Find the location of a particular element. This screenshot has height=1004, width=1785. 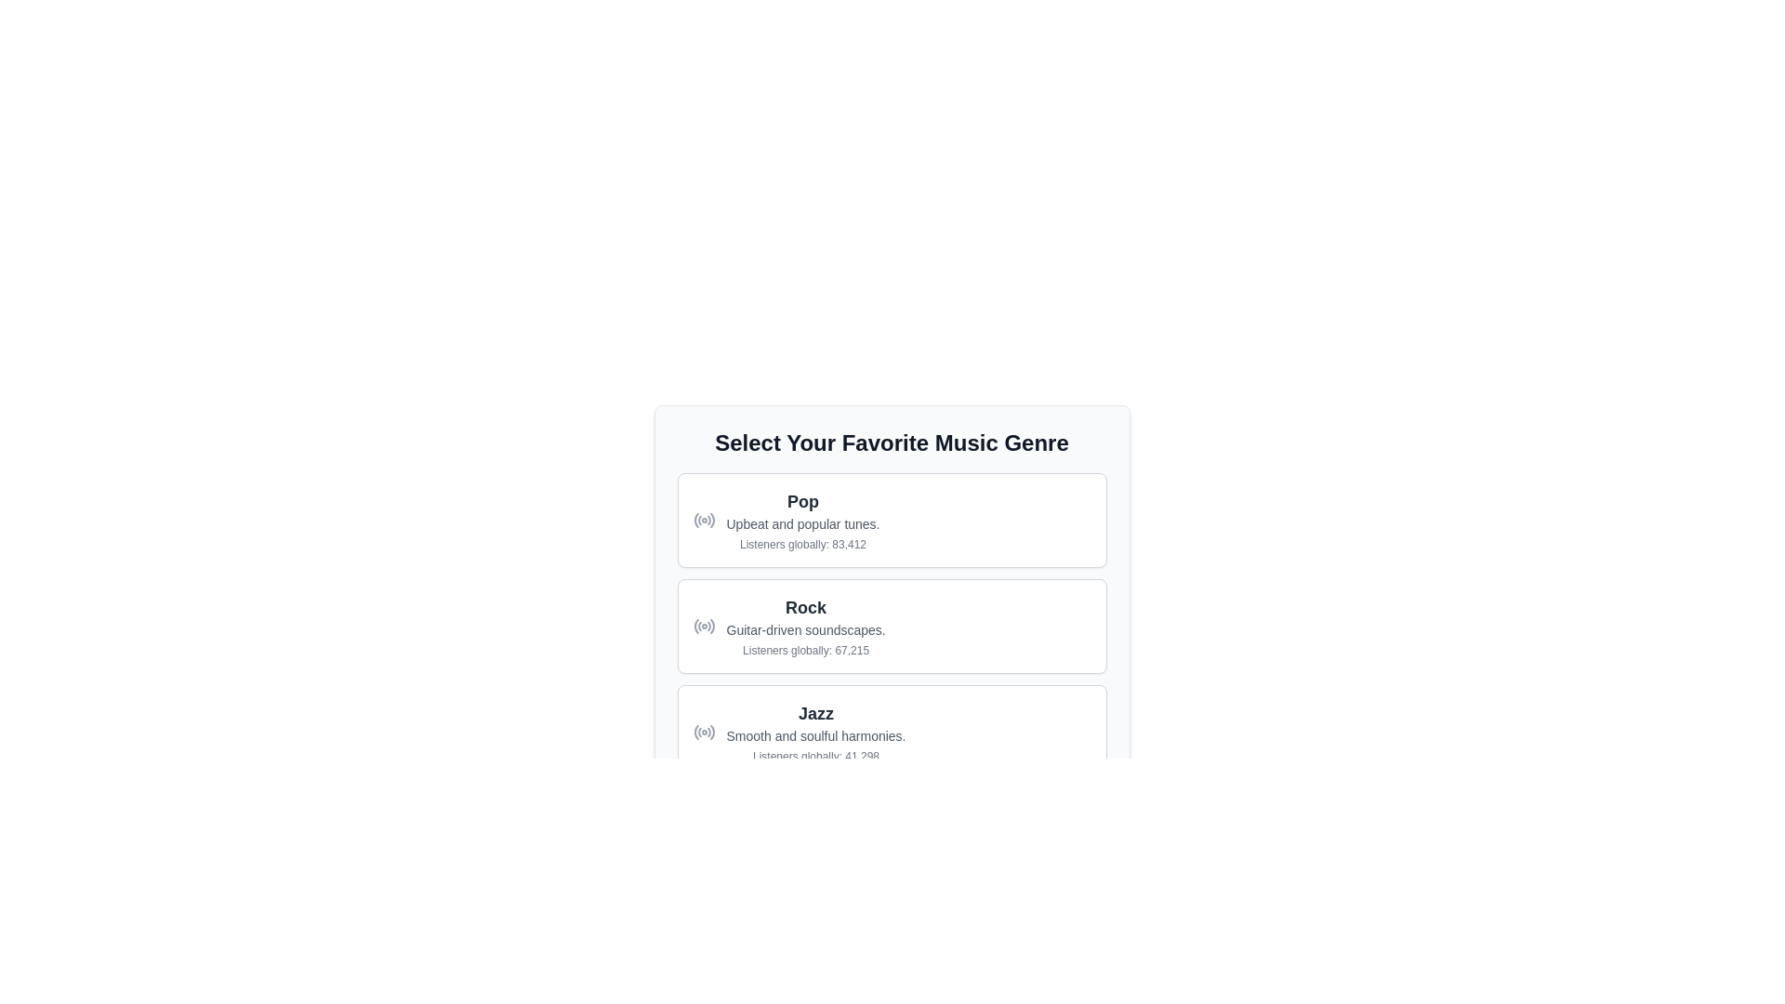

the Jazz icon located to the left of the text 'Jazz' in the third rectangular button-like section of the vertical list of options is located at coordinates (703, 731).